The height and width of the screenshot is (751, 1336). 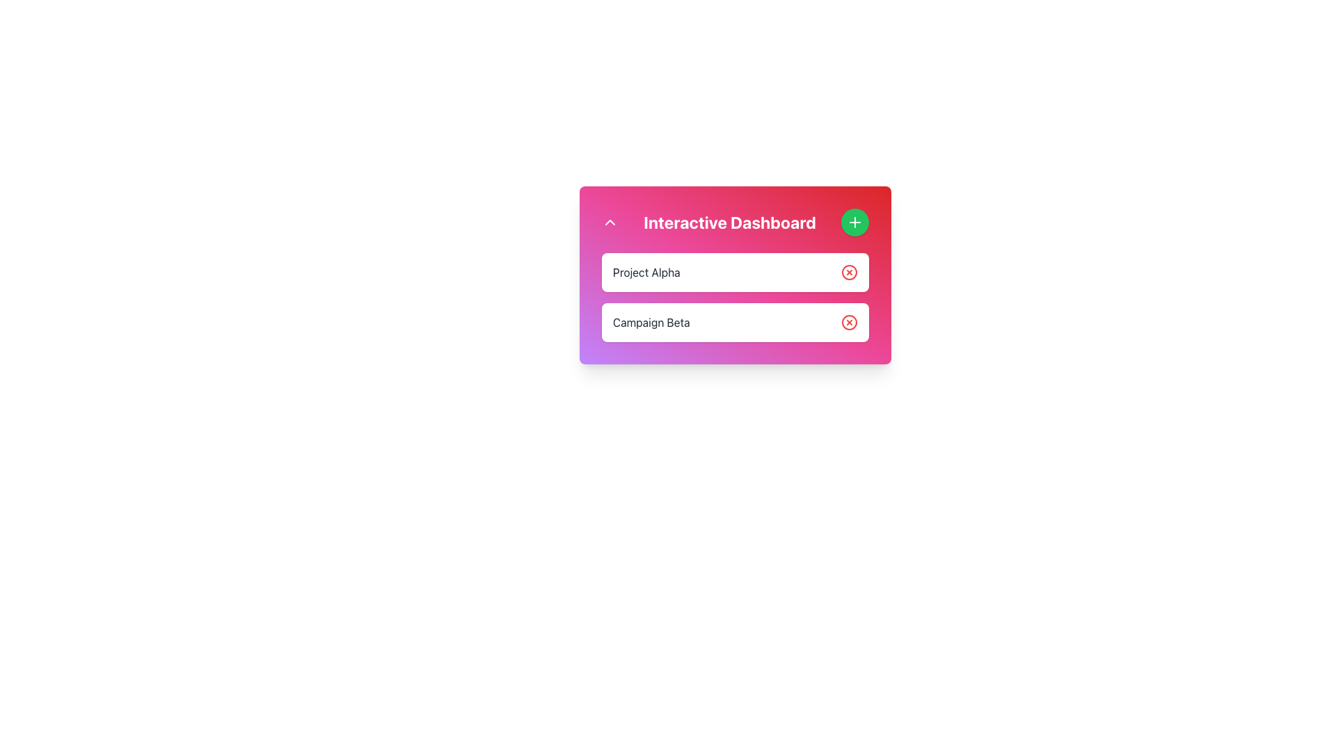 What do you see at coordinates (734, 322) in the screenshot?
I see `text 'Campaign Beta' from the second item in the list under 'Interactive Dashboard', which has a white background and a red circular close button` at bounding box center [734, 322].